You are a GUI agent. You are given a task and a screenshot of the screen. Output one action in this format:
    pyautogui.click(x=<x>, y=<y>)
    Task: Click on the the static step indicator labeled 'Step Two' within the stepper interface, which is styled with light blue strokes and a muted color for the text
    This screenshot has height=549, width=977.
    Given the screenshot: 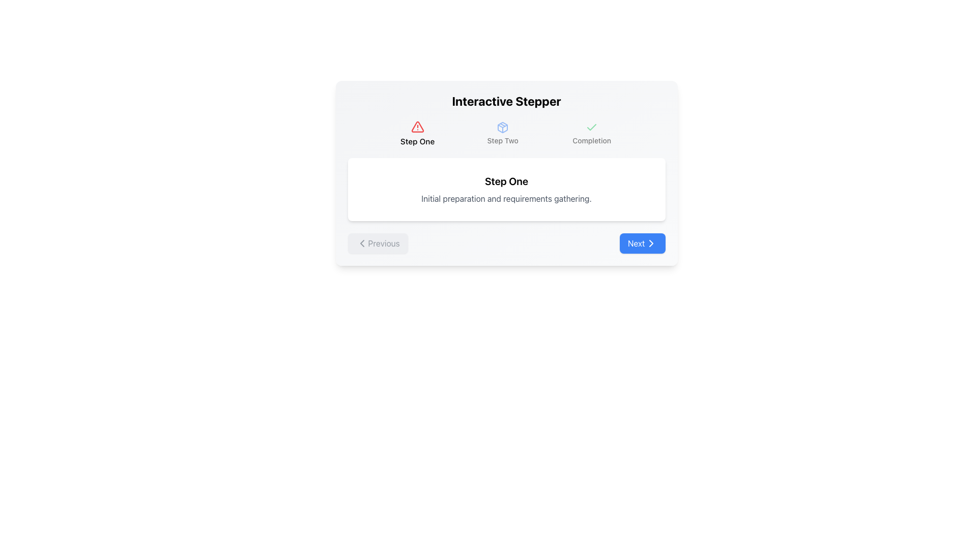 What is the action you would take?
    pyautogui.click(x=503, y=133)
    